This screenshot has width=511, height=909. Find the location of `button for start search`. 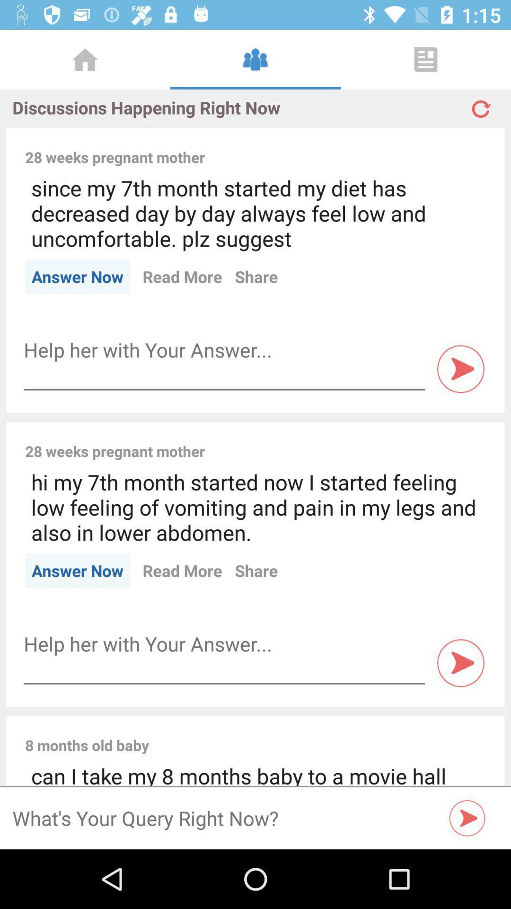

button for start search is located at coordinates (467, 818).